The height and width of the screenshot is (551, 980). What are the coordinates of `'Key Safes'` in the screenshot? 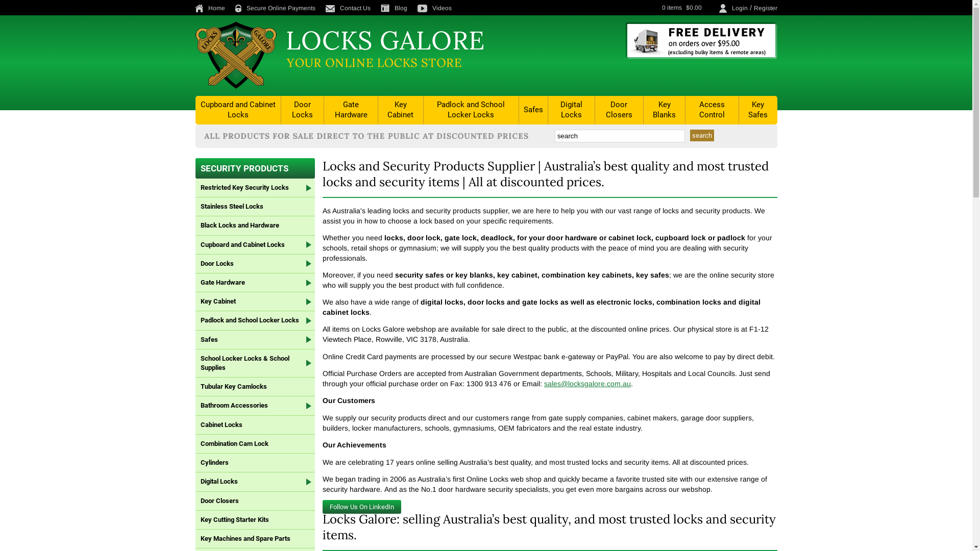 It's located at (739, 110).